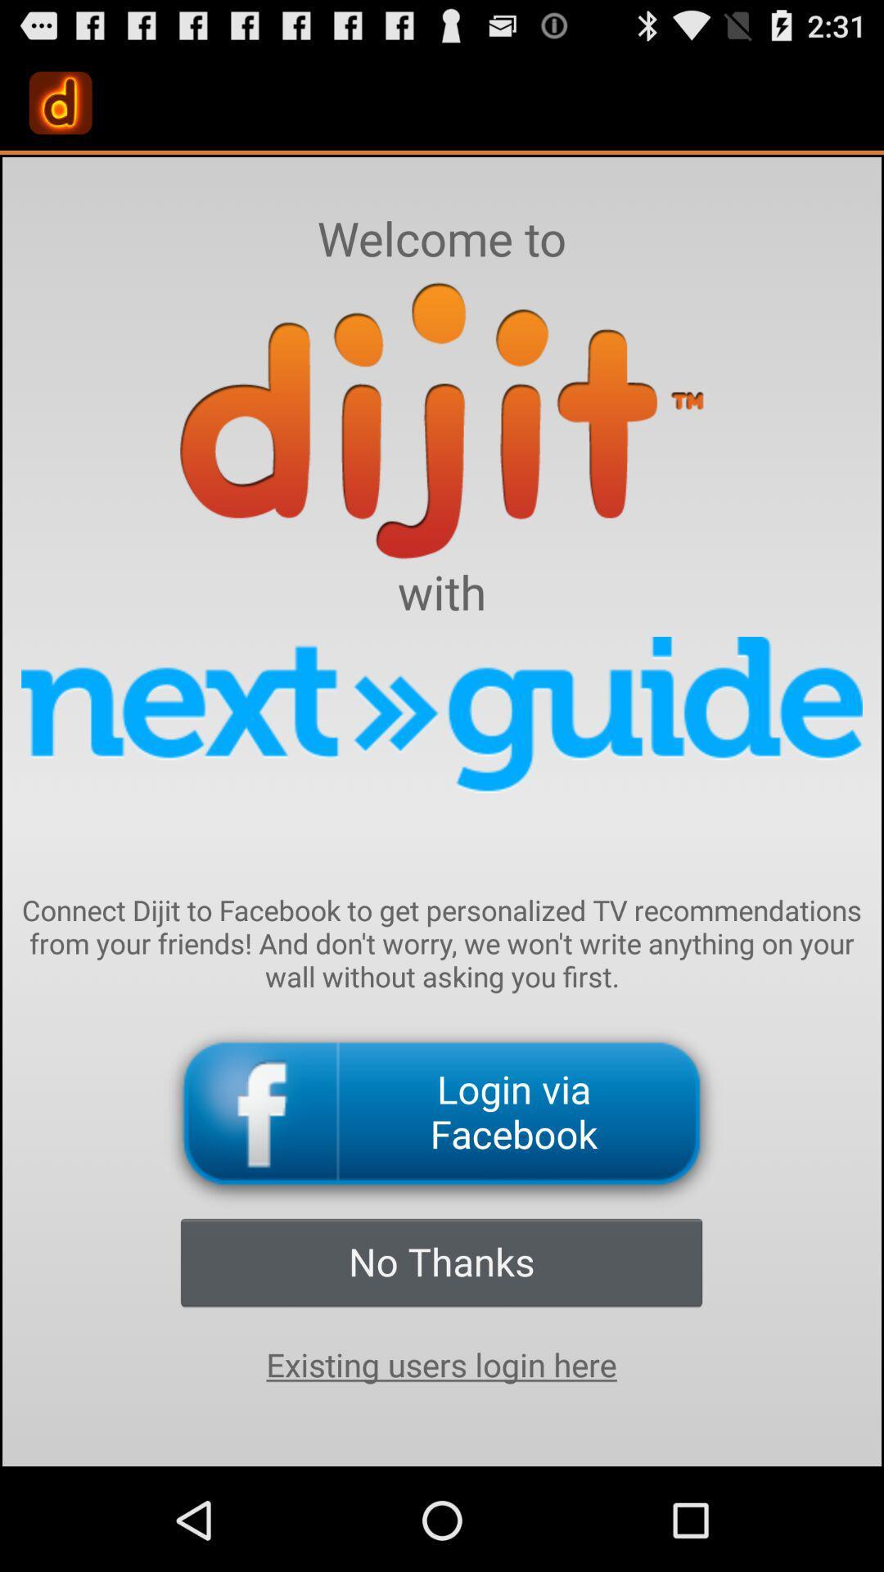 The image size is (884, 1572). I want to click on the icon above the existing users login item, so click(440, 1261).